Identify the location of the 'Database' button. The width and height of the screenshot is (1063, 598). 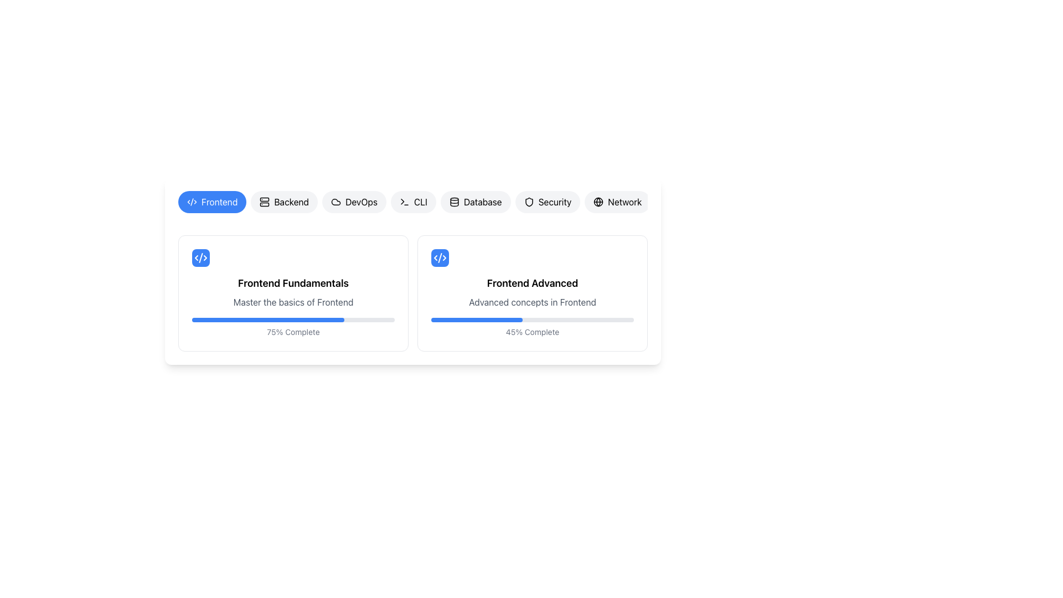
(476, 202).